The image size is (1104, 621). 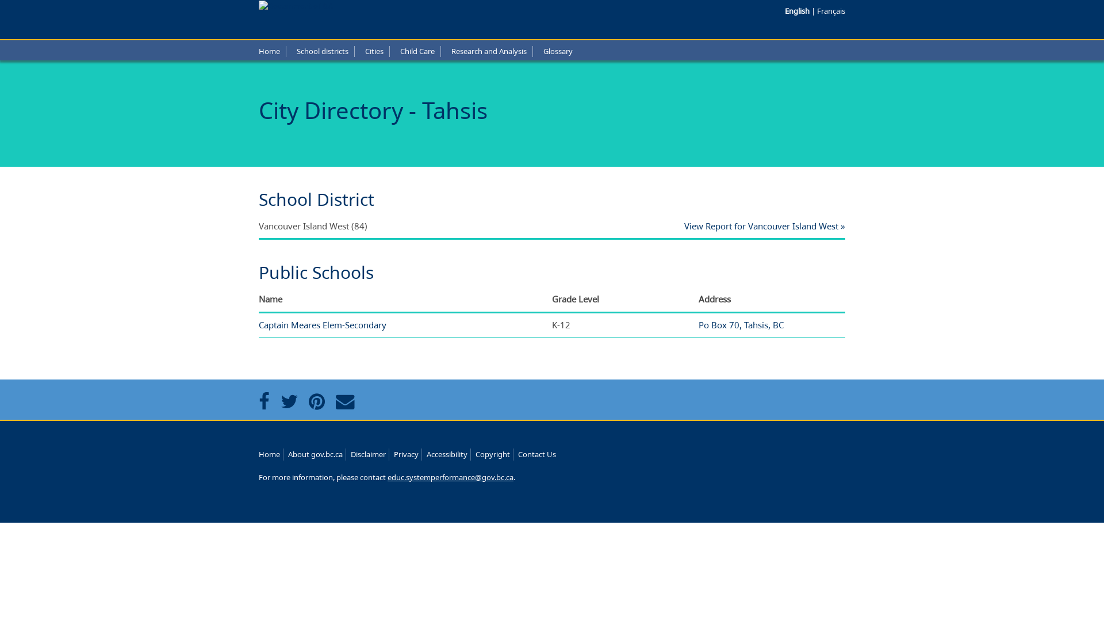 I want to click on 'Government of B.C.', so click(x=296, y=6).